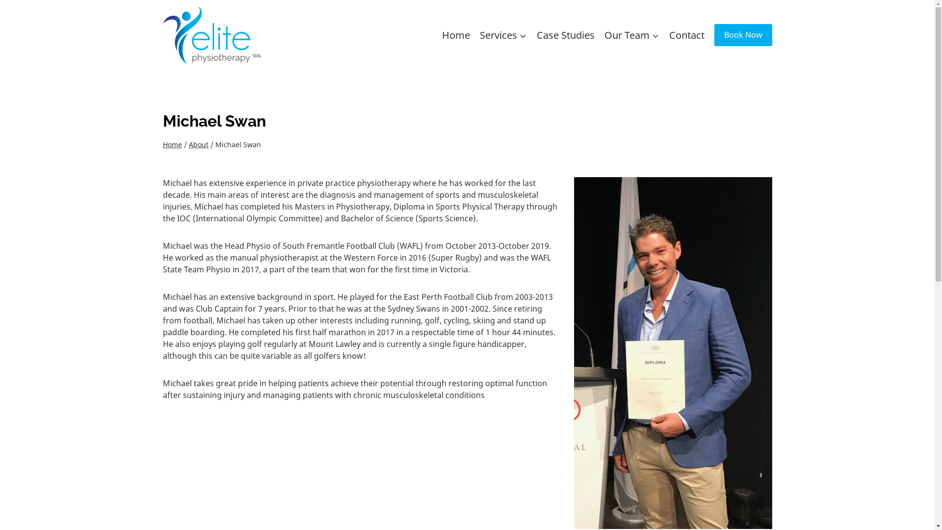  Describe the element at coordinates (631, 34) in the screenshot. I see `'Our Team'` at that location.